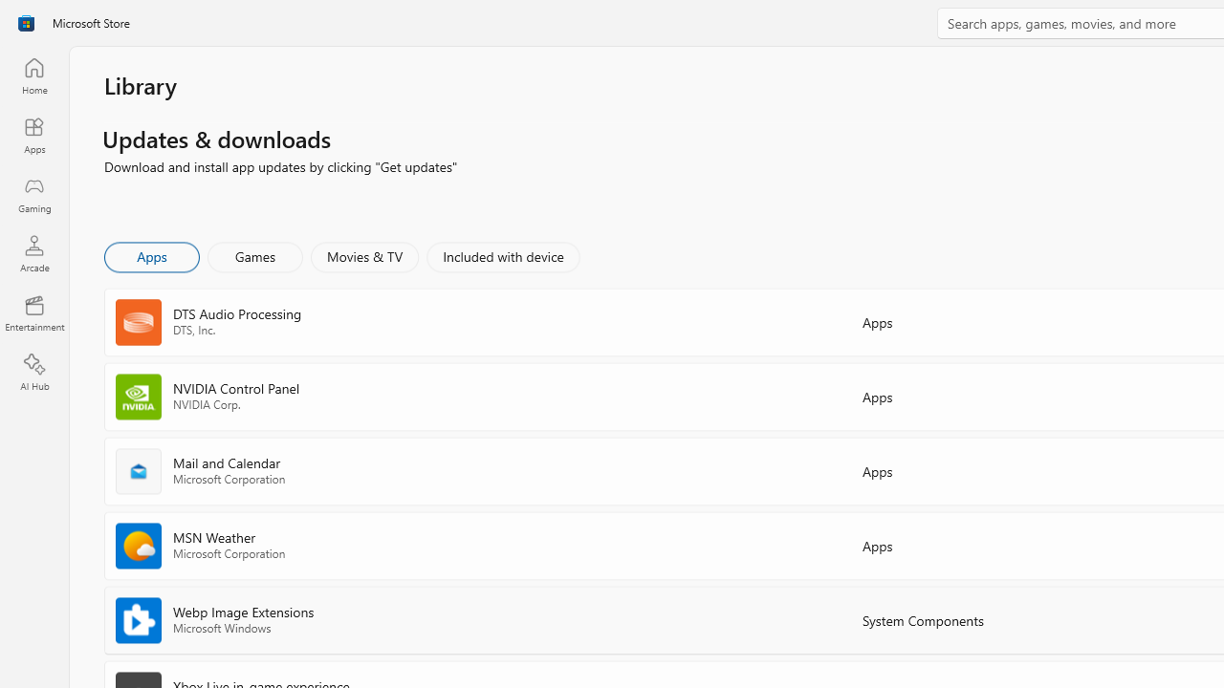 This screenshot has height=688, width=1224. I want to click on 'AI Hub', so click(33, 373).